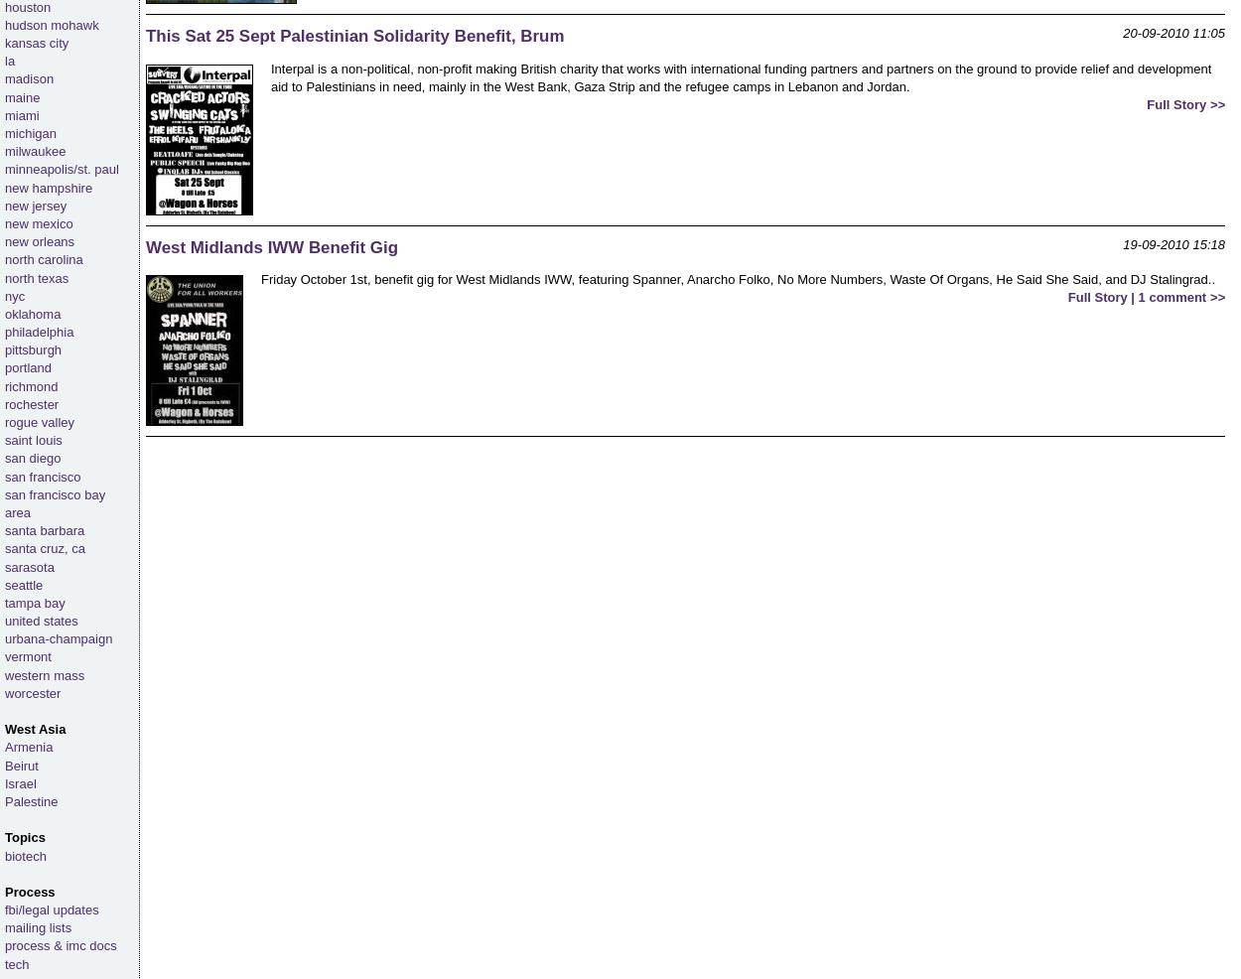 This screenshot has width=1241, height=979. What do you see at coordinates (35, 602) in the screenshot?
I see `'tampa bay'` at bounding box center [35, 602].